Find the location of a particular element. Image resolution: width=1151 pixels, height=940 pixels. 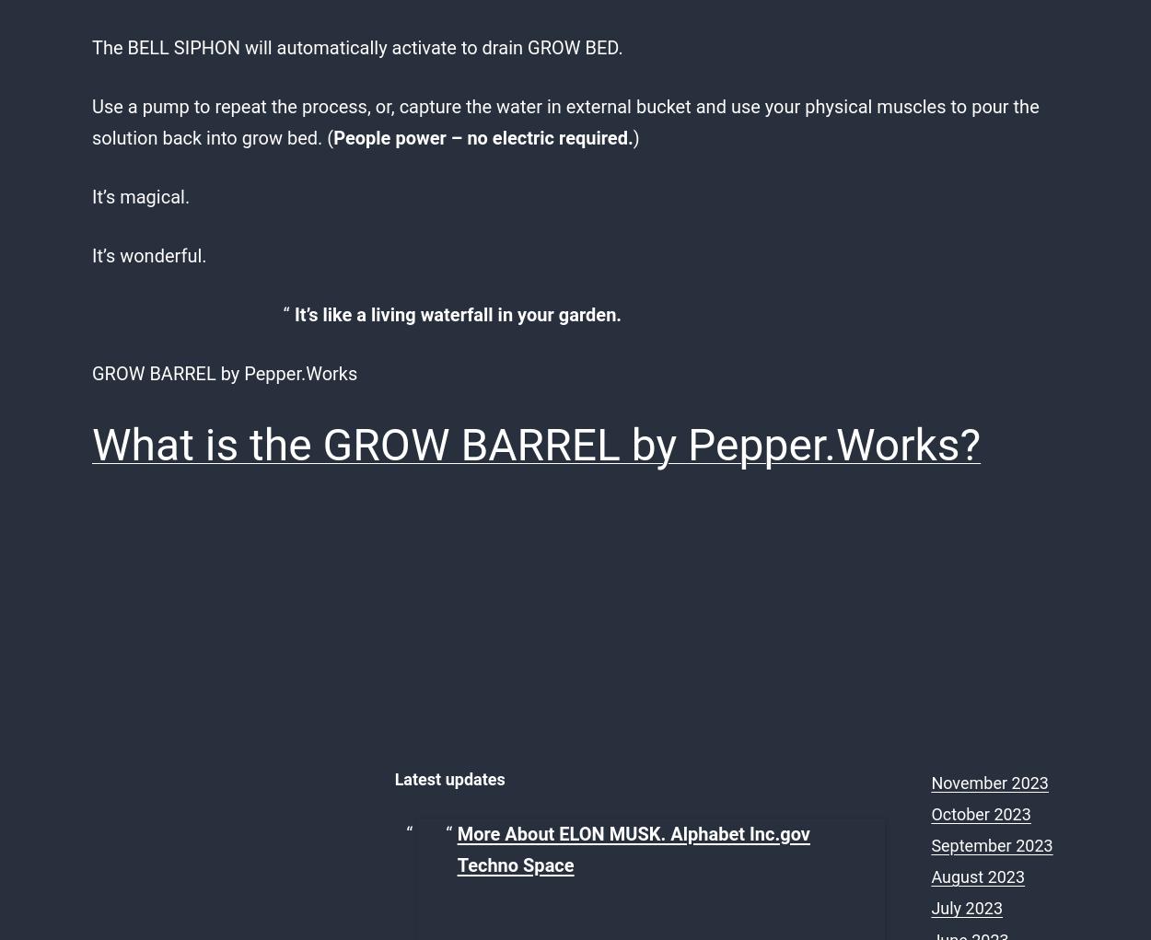

'September 2023' is located at coordinates (991, 845).